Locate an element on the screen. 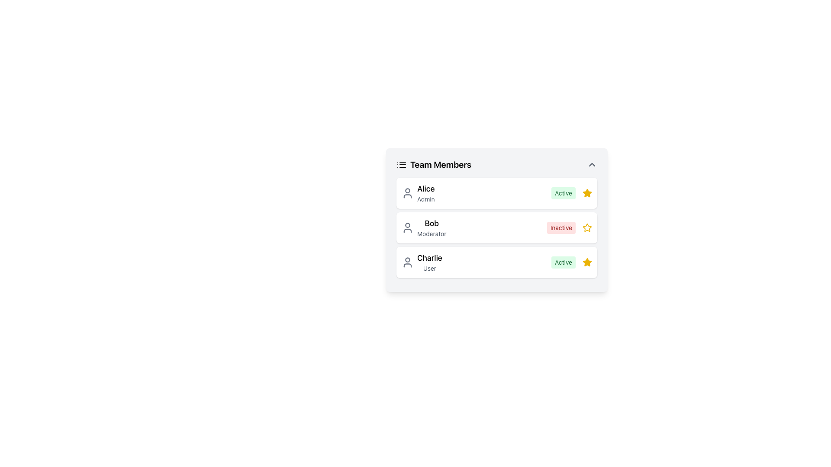 The width and height of the screenshot is (831, 467). the user identity text element located in the middle row of the 'Team Members' card is located at coordinates (432, 227).